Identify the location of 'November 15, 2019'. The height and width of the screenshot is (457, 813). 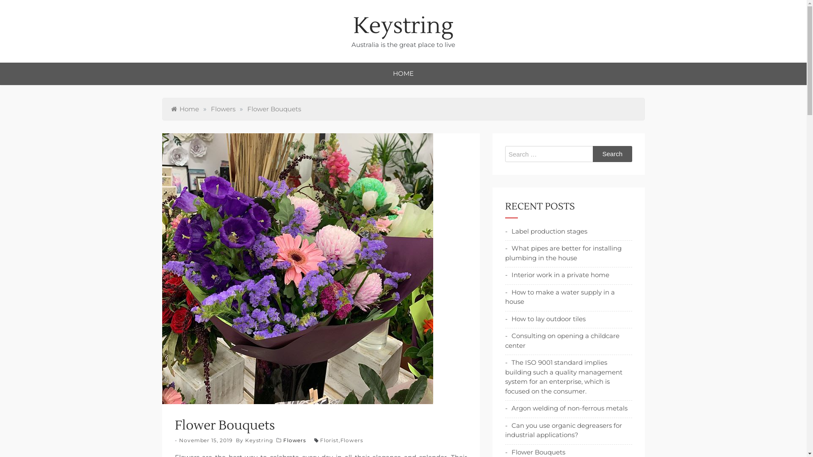
(205, 440).